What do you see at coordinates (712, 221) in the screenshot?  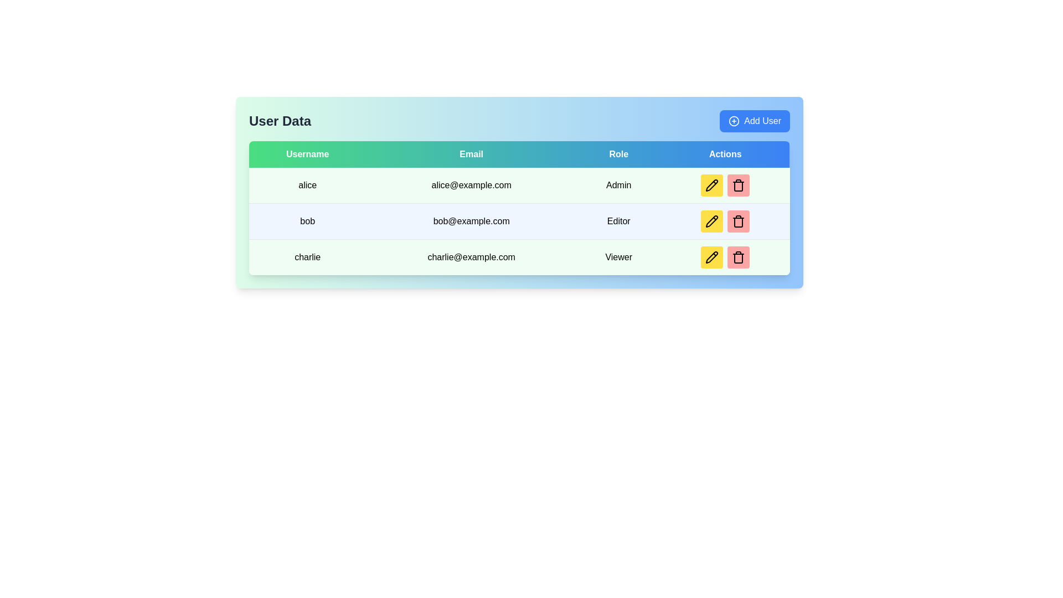 I see `the edit button in the 'Actions' column for the user 'bob@example.com' to observe the hover effect` at bounding box center [712, 221].